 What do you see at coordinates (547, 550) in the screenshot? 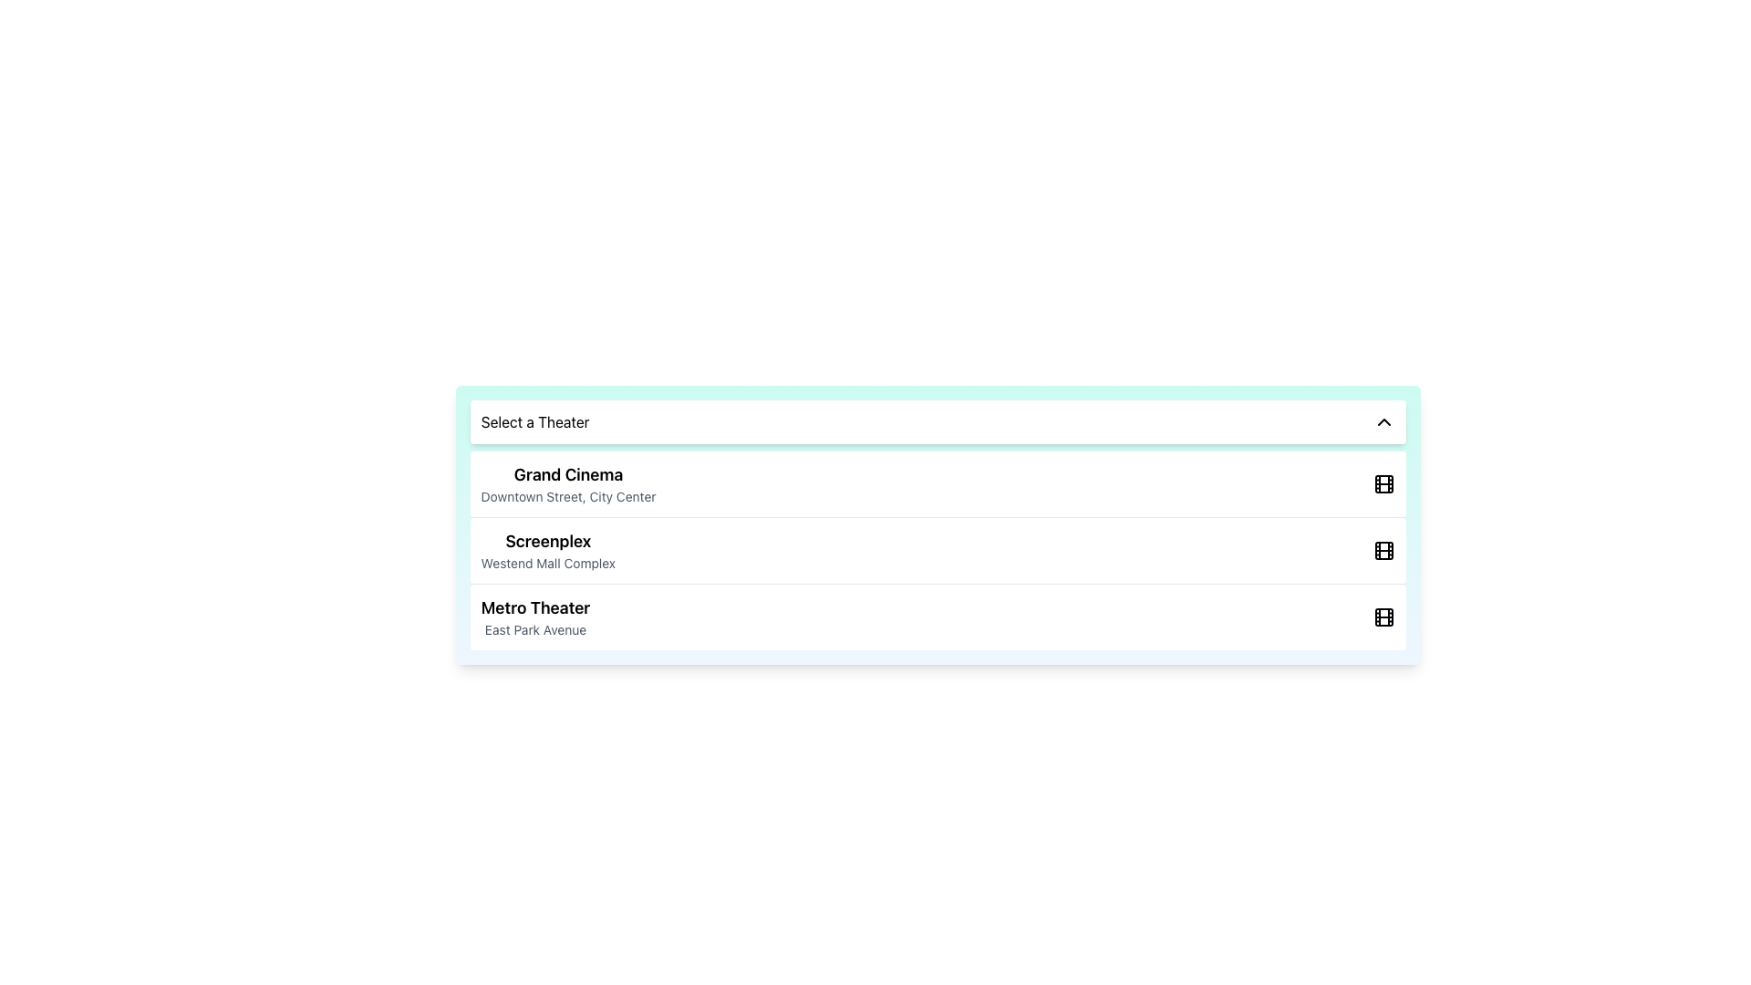
I see `the text label that displays 'Screenplex' in bold font and 'Westend Mall Complex' in smaller gray font, located between 'Grand Cinema' and 'Metro Theater'` at bounding box center [547, 550].